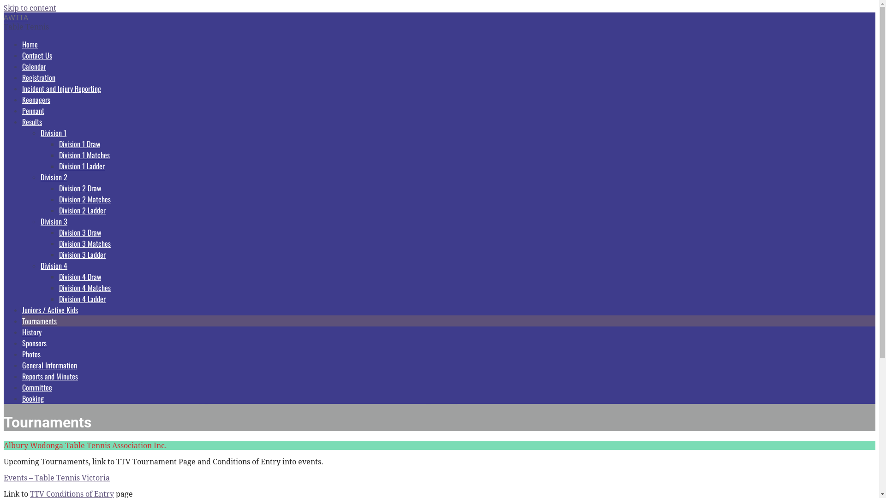 The height and width of the screenshot is (498, 886). Describe the element at coordinates (59, 188) in the screenshot. I see `'Division 2 Draw'` at that location.